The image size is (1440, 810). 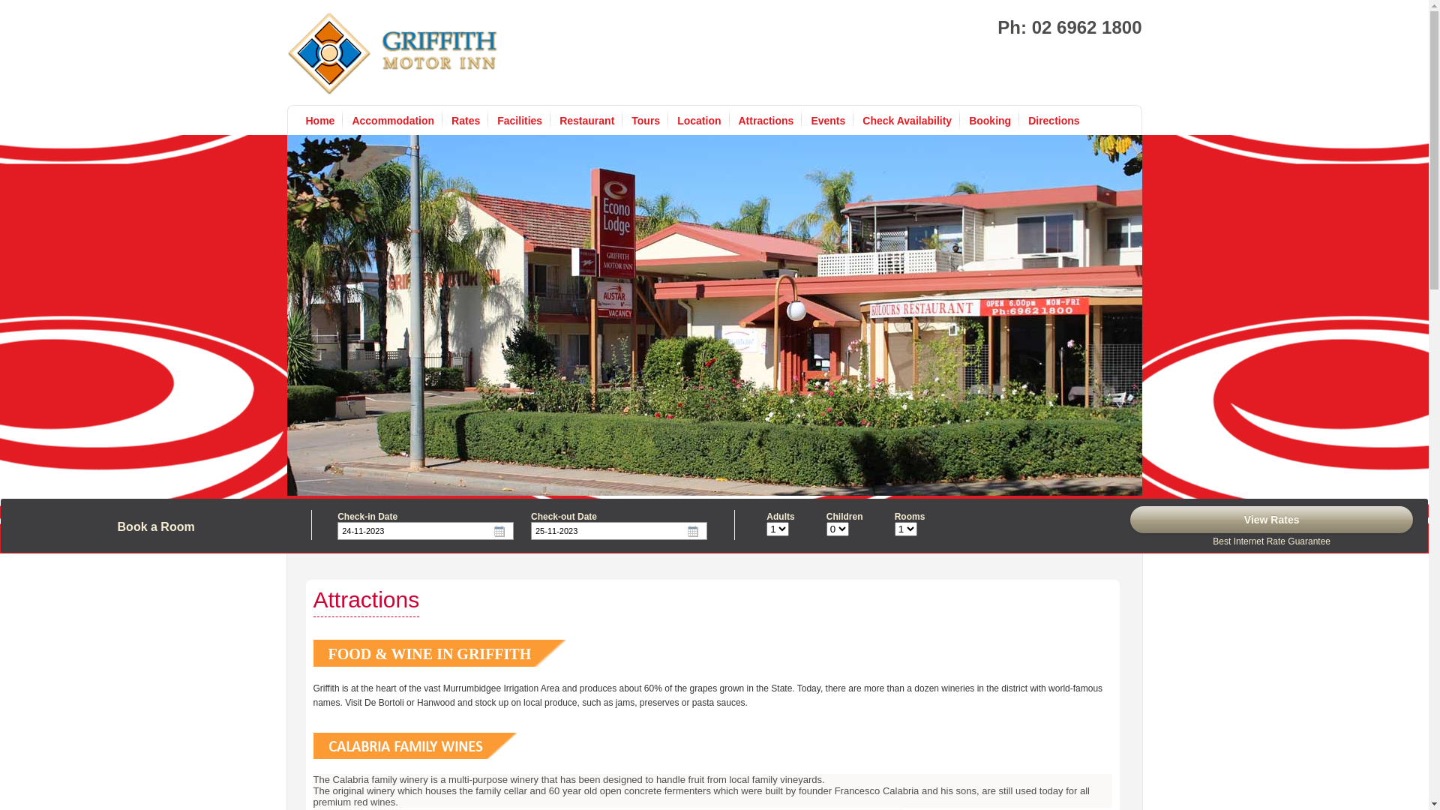 I want to click on 'Home', so click(x=305, y=120).